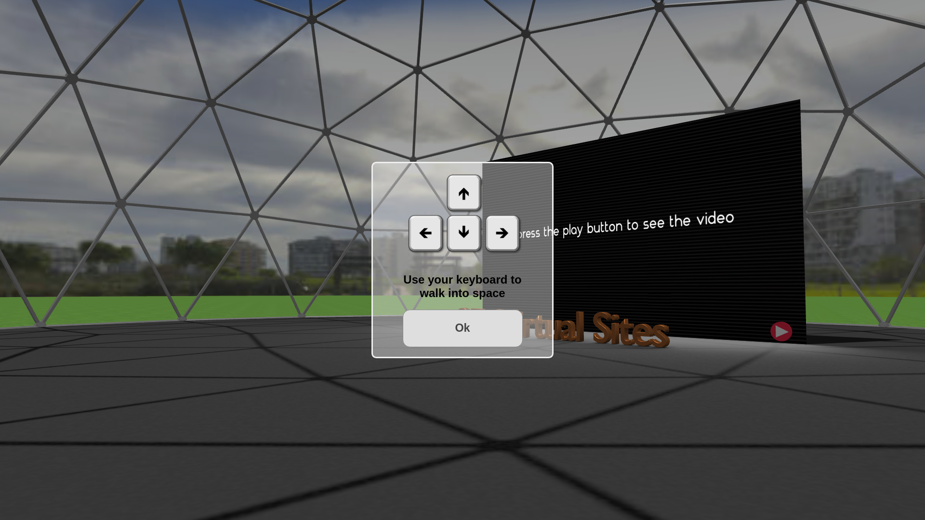 This screenshot has width=925, height=520. I want to click on 'Ok', so click(462, 328).